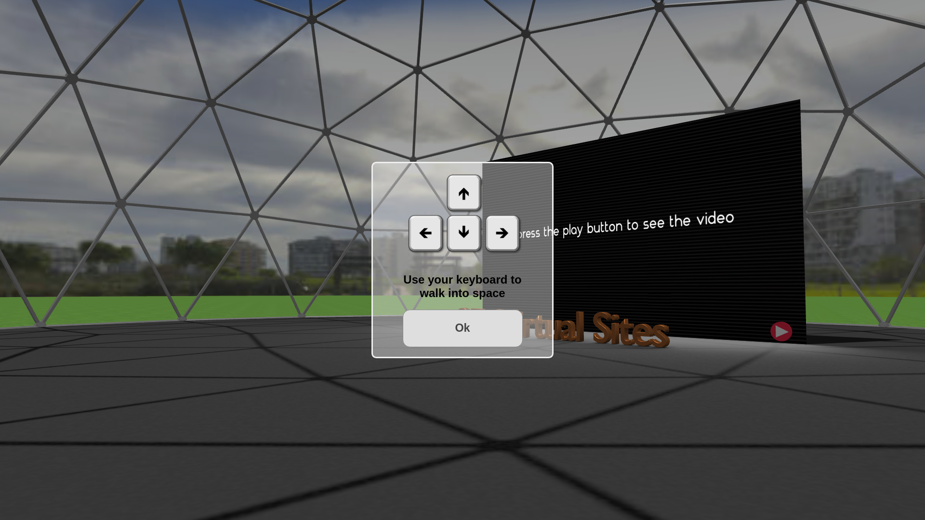 This screenshot has width=925, height=520. I want to click on 'Ok', so click(462, 328).